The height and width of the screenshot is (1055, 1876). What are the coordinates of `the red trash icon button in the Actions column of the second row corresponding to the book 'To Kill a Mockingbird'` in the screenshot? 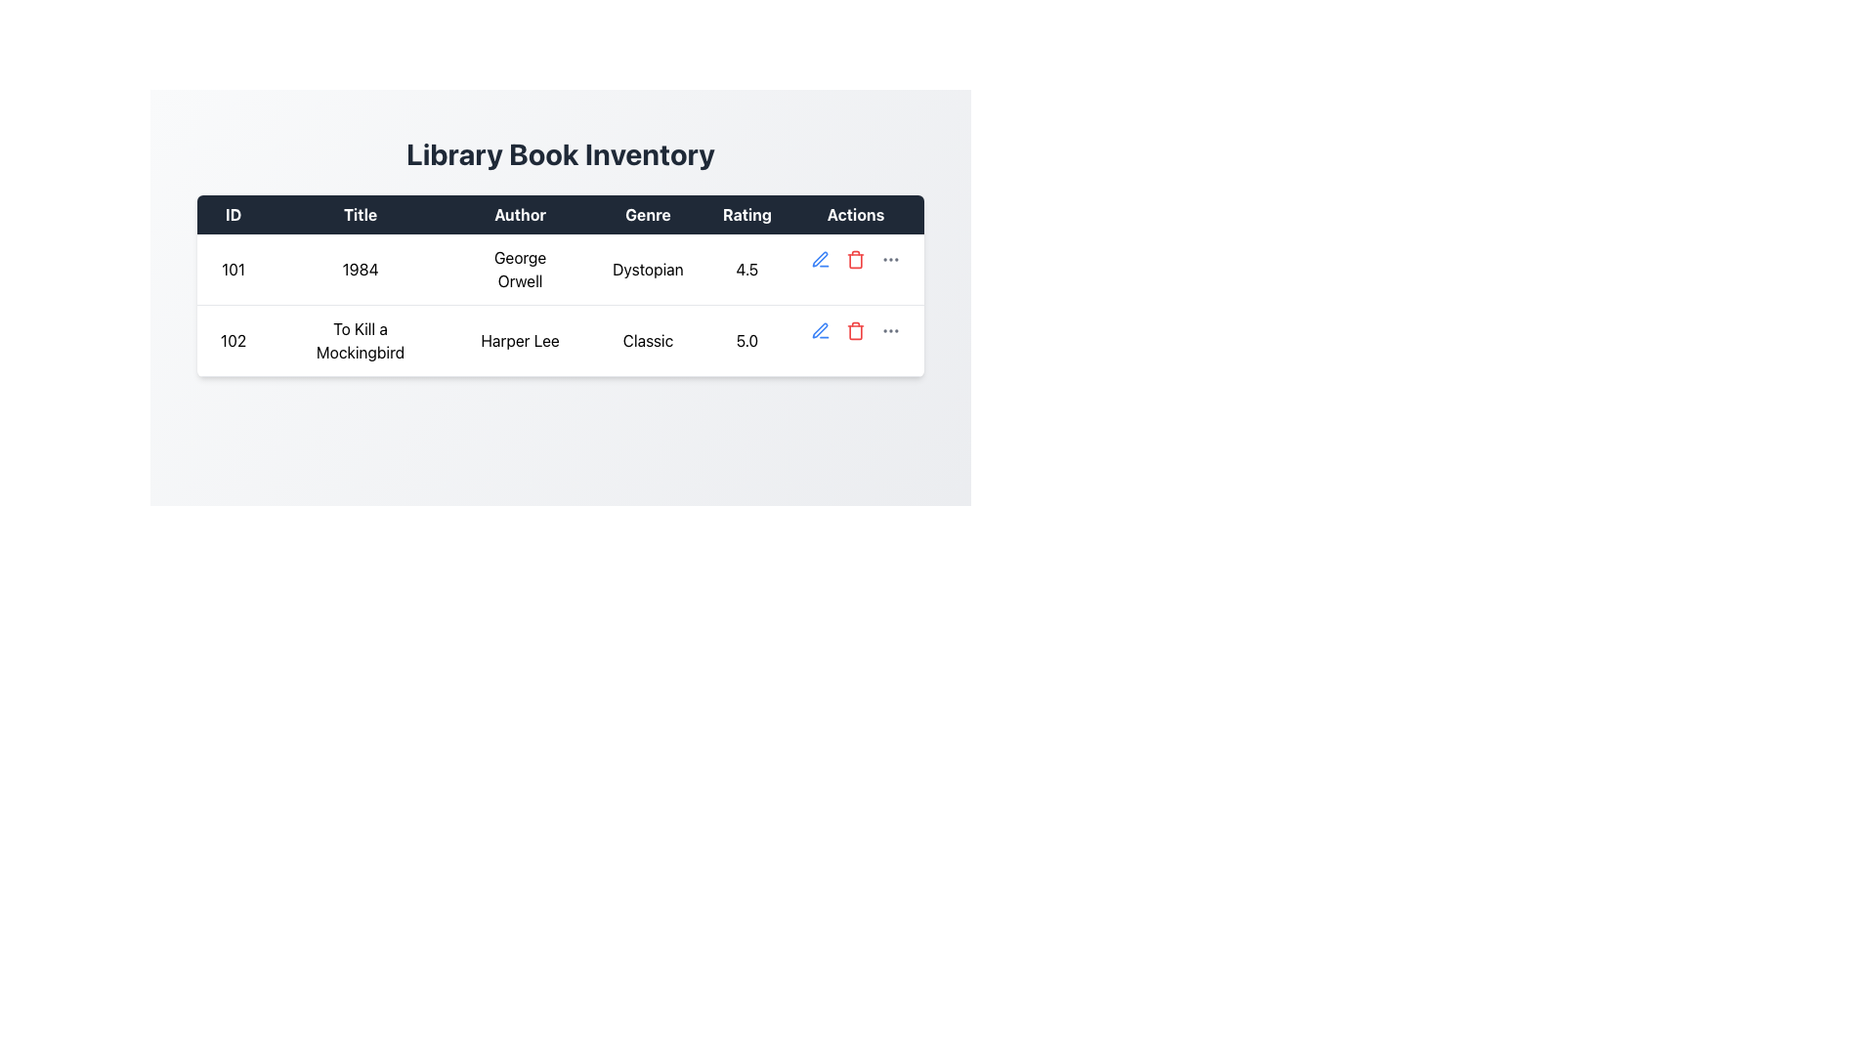 It's located at (855, 327).